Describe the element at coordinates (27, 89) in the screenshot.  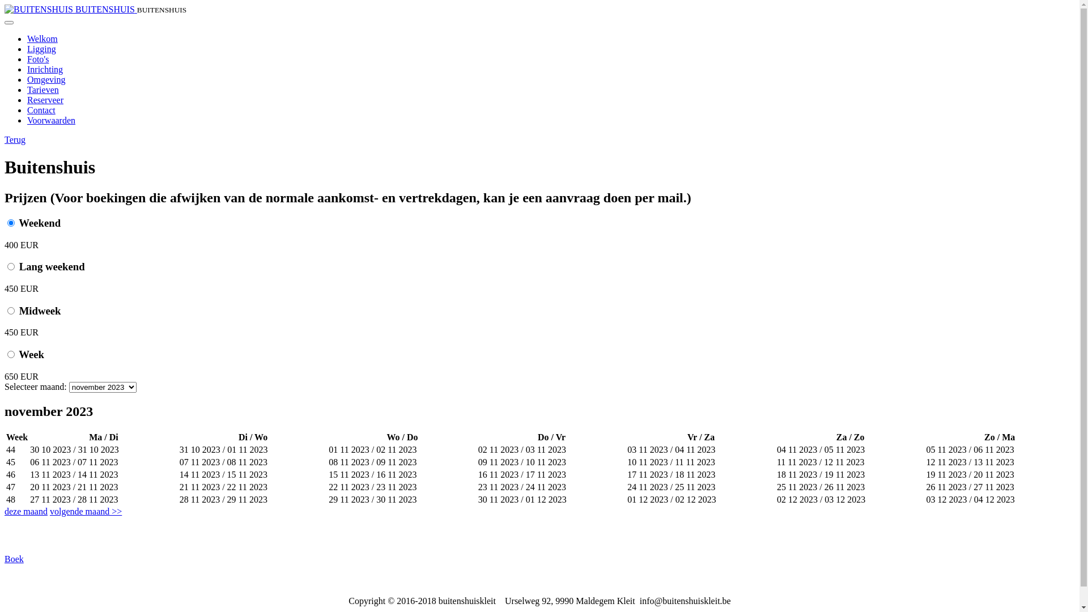
I see `'Tarieven'` at that location.